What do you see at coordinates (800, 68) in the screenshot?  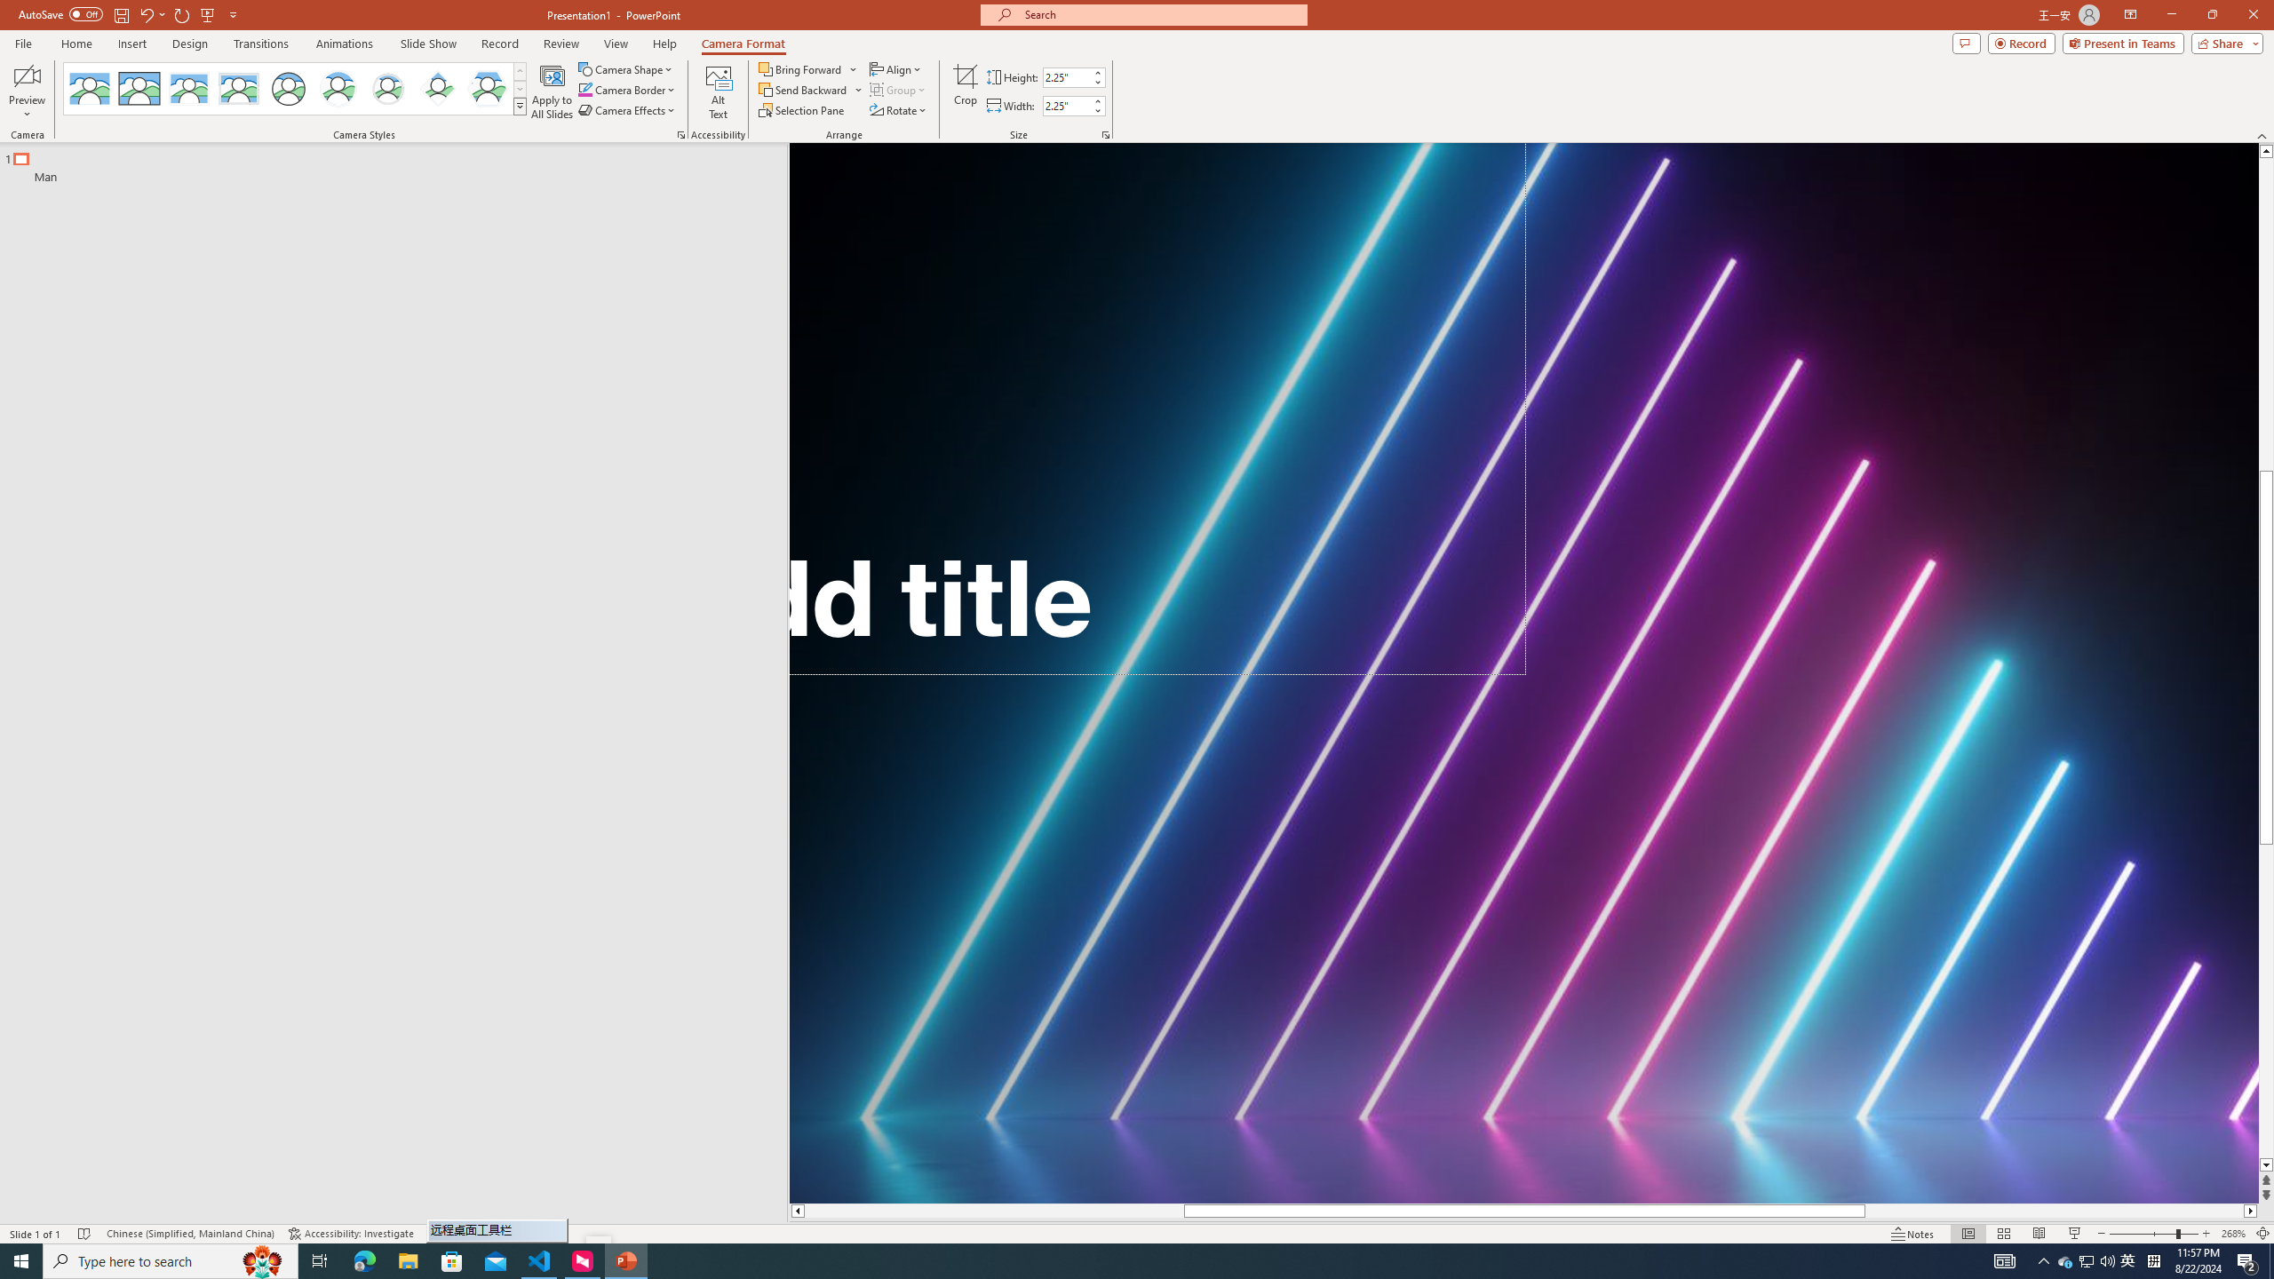 I see `'Bring Forward'` at bounding box center [800, 68].